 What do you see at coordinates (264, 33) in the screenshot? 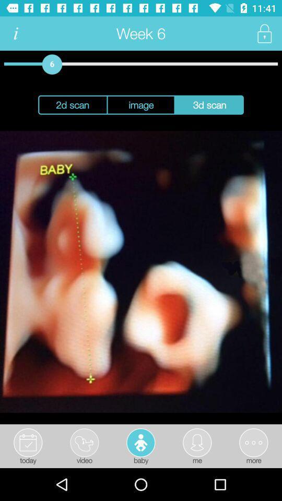
I see `this` at bounding box center [264, 33].